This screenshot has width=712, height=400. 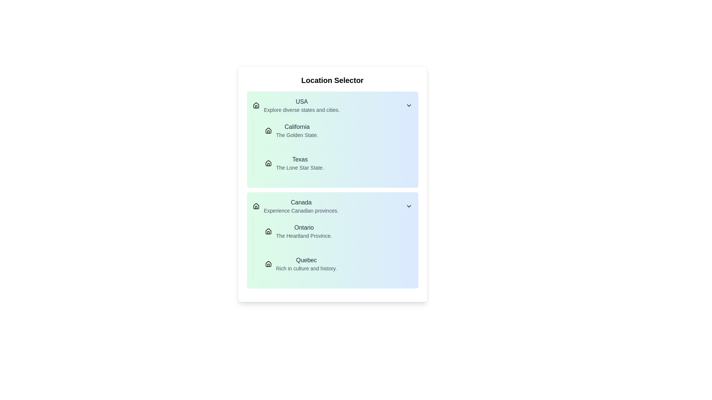 What do you see at coordinates (268, 263) in the screenshot?
I see `the house-shaped icon next to the text 'Quebec', which represents a home symbol` at bounding box center [268, 263].